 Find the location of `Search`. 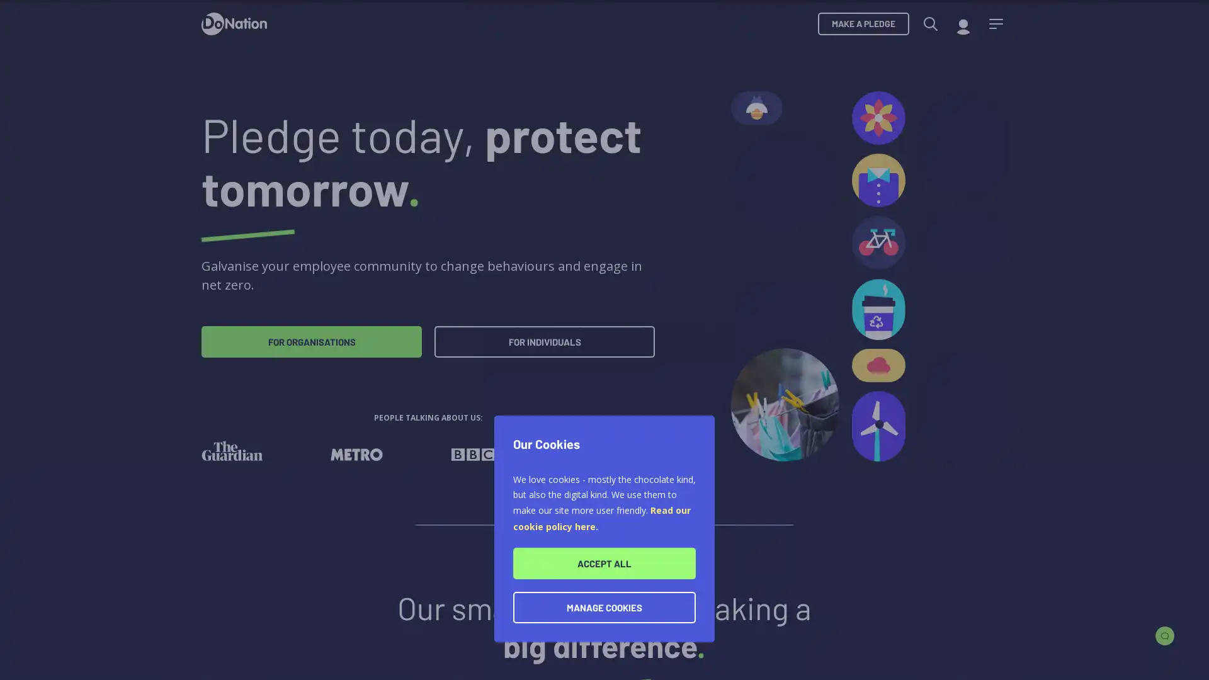

Search is located at coordinates (931, 24).